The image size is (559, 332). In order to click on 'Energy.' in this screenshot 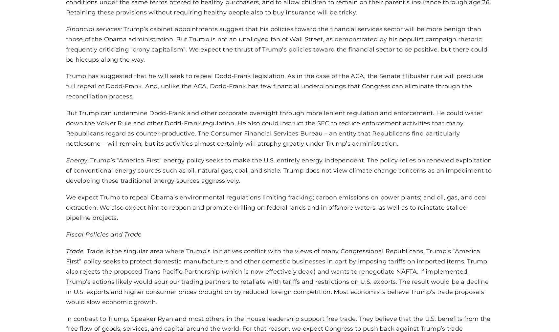, I will do `click(78, 160)`.